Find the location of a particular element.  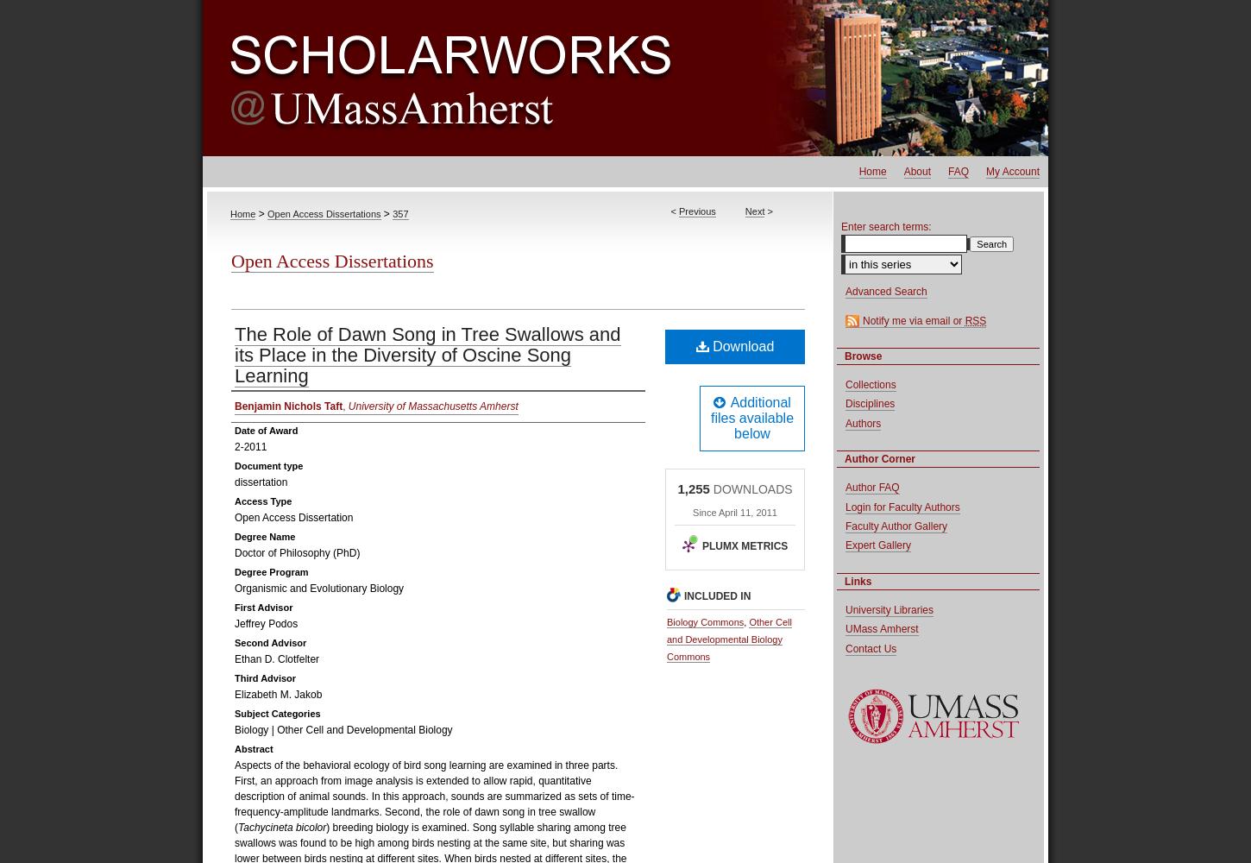

'2-2011' is located at coordinates (250, 447).